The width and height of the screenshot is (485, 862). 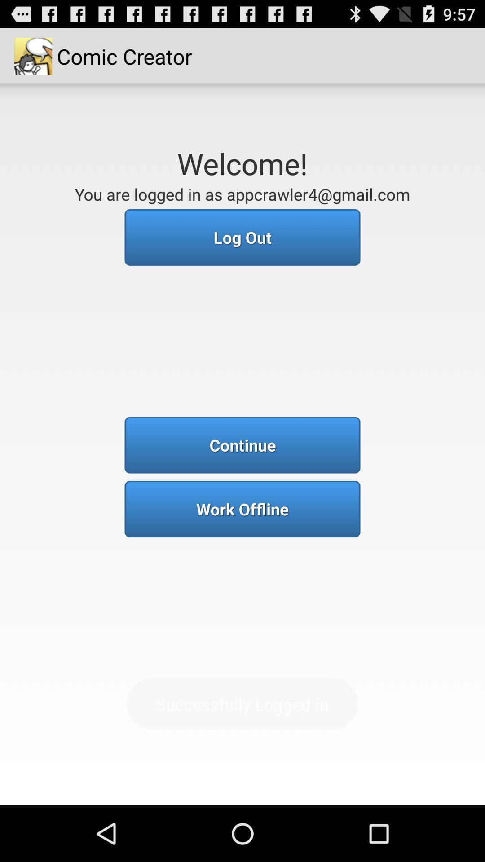 What do you see at coordinates (242, 237) in the screenshot?
I see `icon above the continue icon` at bounding box center [242, 237].